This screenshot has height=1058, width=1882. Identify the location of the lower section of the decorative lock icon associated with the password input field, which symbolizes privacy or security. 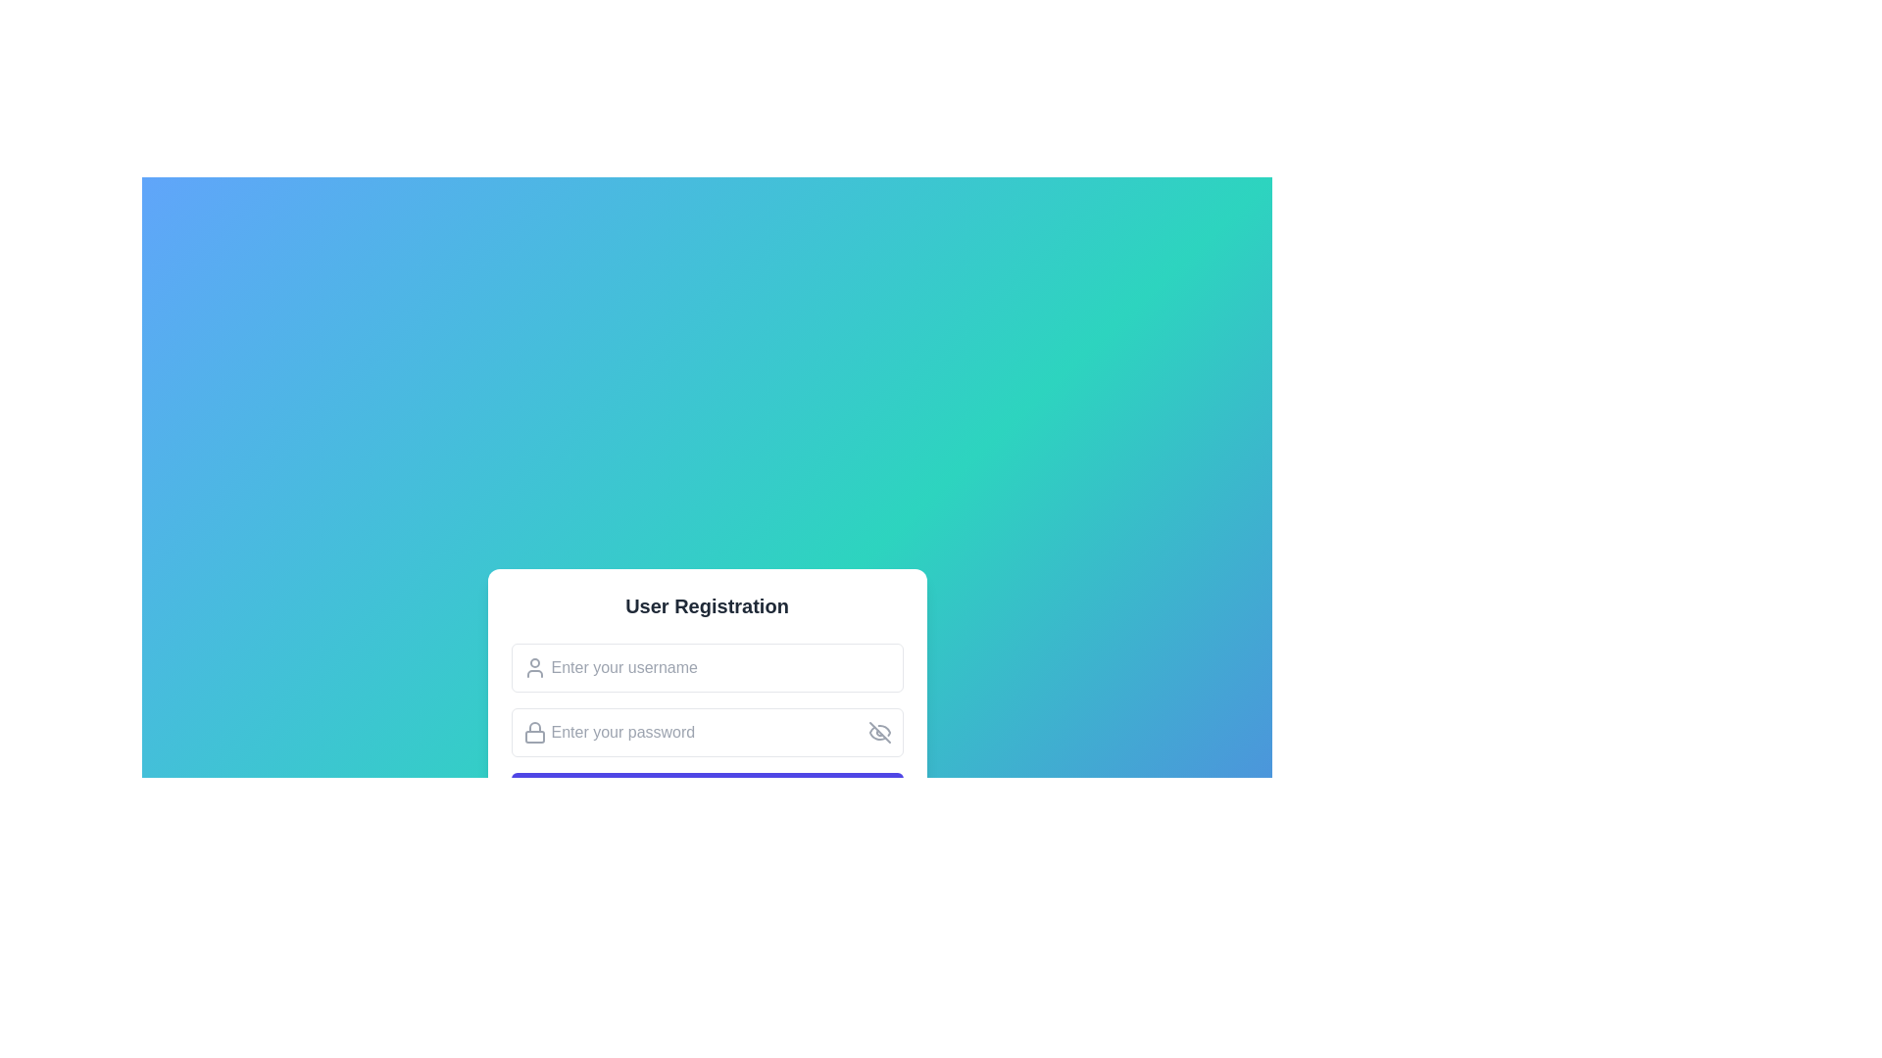
(534, 737).